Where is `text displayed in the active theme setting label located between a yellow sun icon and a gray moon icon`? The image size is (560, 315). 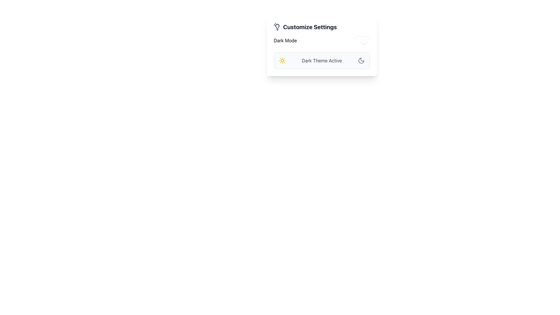 text displayed in the active theme setting label located between a yellow sun icon and a gray moon icon is located at coordinates (321, 61).